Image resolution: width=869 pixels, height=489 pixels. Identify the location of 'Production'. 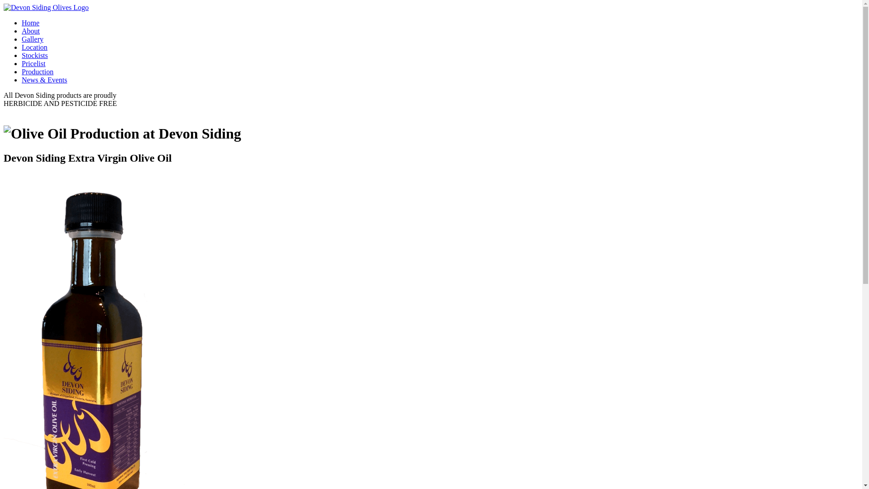
(37, 71).